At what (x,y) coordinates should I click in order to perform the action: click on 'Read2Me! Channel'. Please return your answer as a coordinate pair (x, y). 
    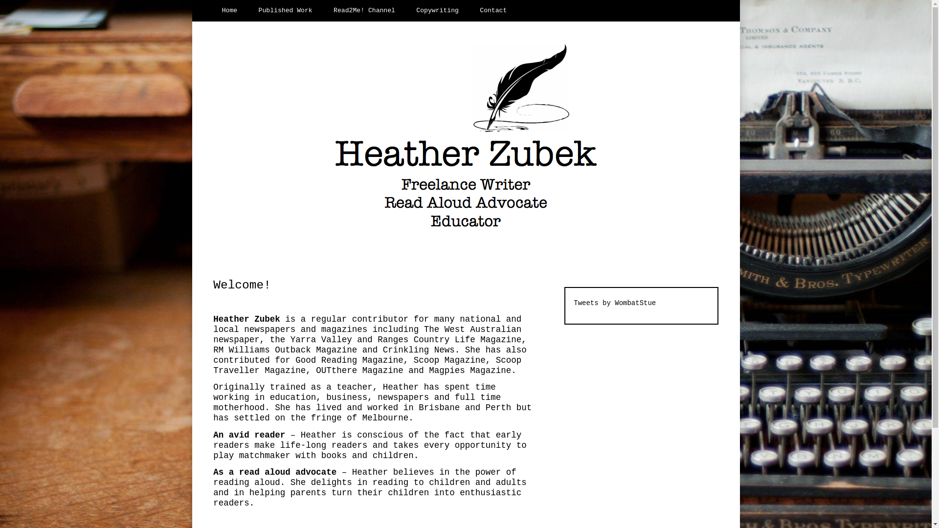
    Looking at the image, I should click on (364, 11).